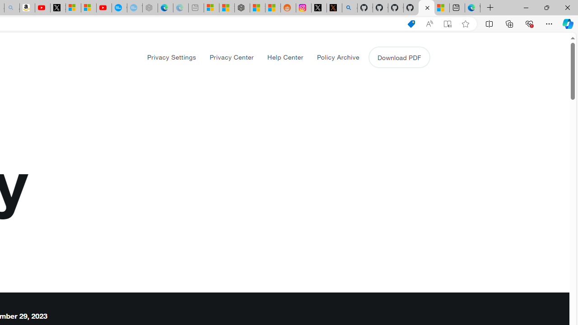 The image size is (578, 325). Describe the element at coordinates (319, 8) in the screenshot. I see `'Log in to X / X'` at that location.